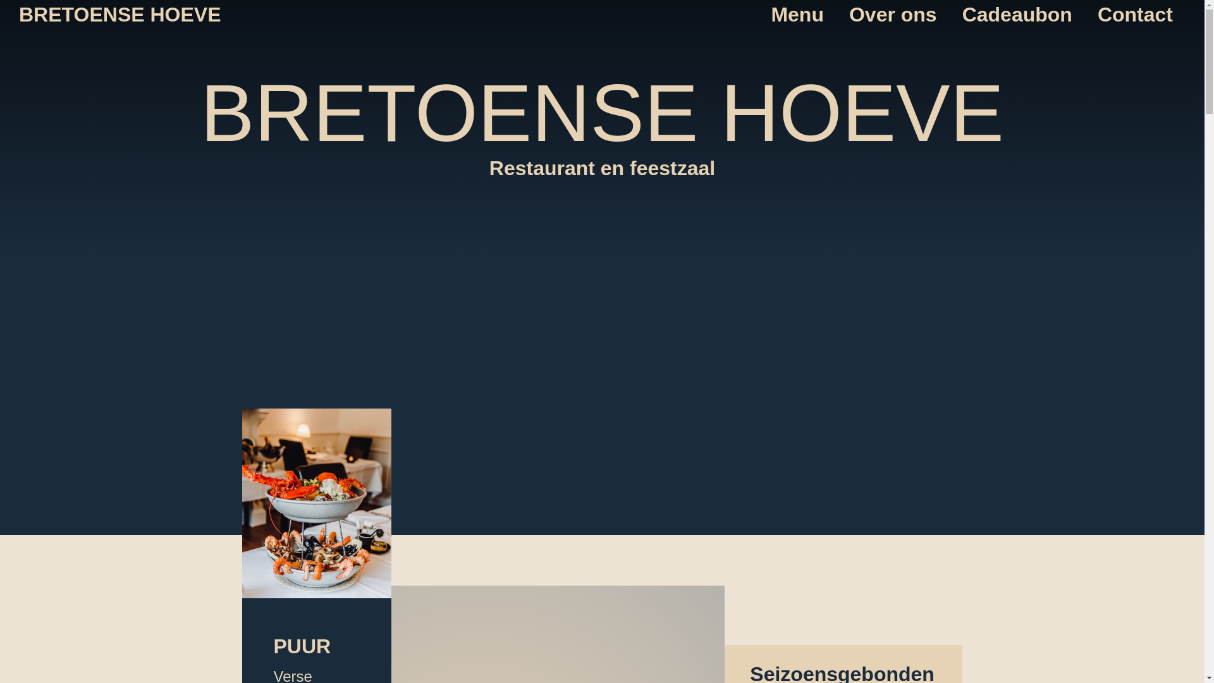  What do you see at coordinates (797, 15) in the screenshot?
I see `'Menu'` at bounding box center [797, 15].